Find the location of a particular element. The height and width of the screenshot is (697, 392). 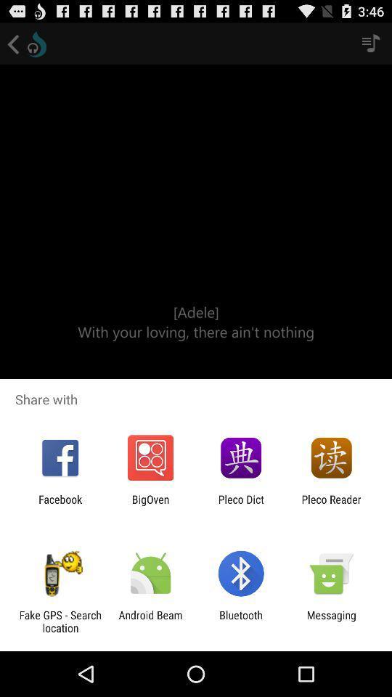

the icon next to facebook item is located at coordinates (150, 505).